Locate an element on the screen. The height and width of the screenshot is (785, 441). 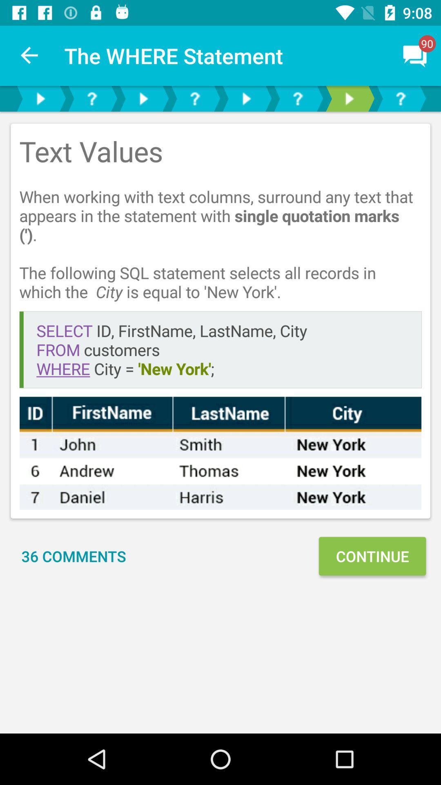
next page is located at coordinates (143, 98).